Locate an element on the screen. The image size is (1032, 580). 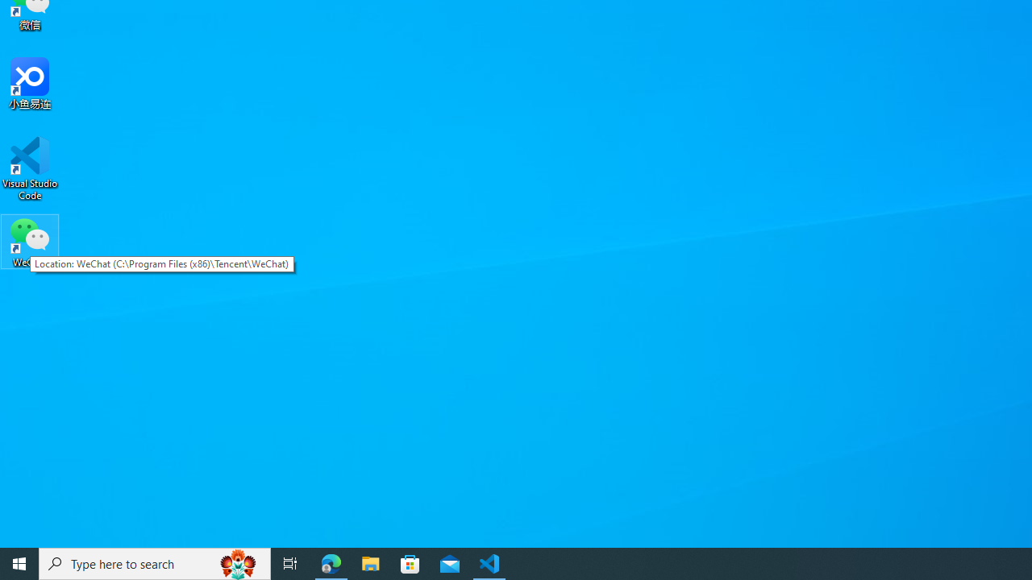
'File Explorer' is located at coordinates (370, 562).